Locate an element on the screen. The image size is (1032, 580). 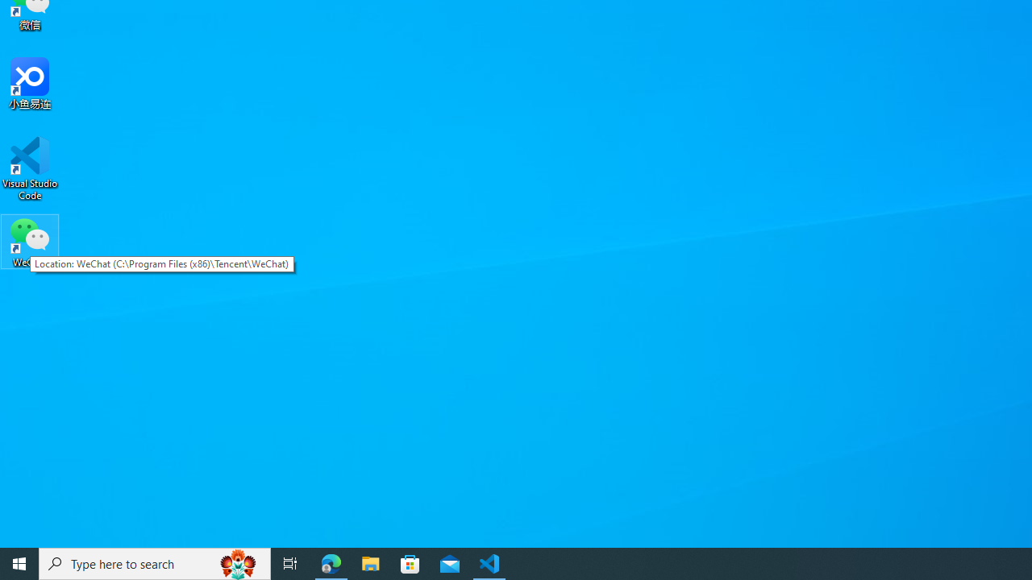
'File Explorer' is located at coordinates (370, 562).